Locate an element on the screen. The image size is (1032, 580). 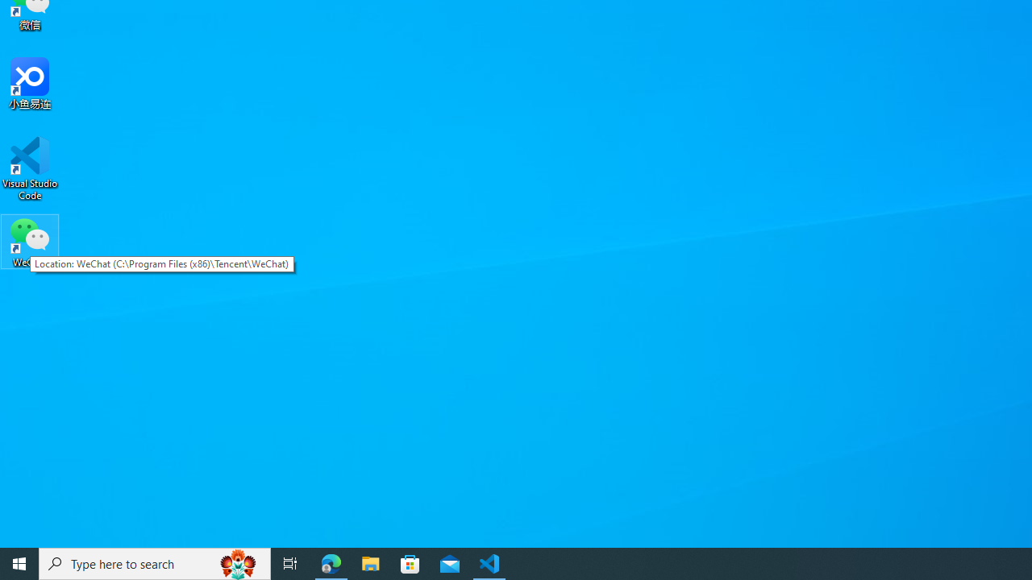
'File Explorer' is located at coordinates (370, 562).